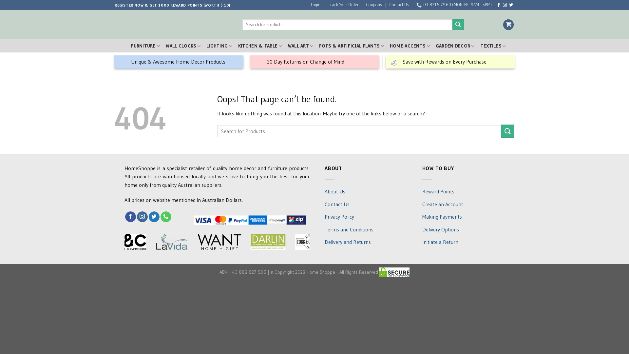 The image size is (629, 354). I want to click on 'Follow on Instagram', so click(136, 217).